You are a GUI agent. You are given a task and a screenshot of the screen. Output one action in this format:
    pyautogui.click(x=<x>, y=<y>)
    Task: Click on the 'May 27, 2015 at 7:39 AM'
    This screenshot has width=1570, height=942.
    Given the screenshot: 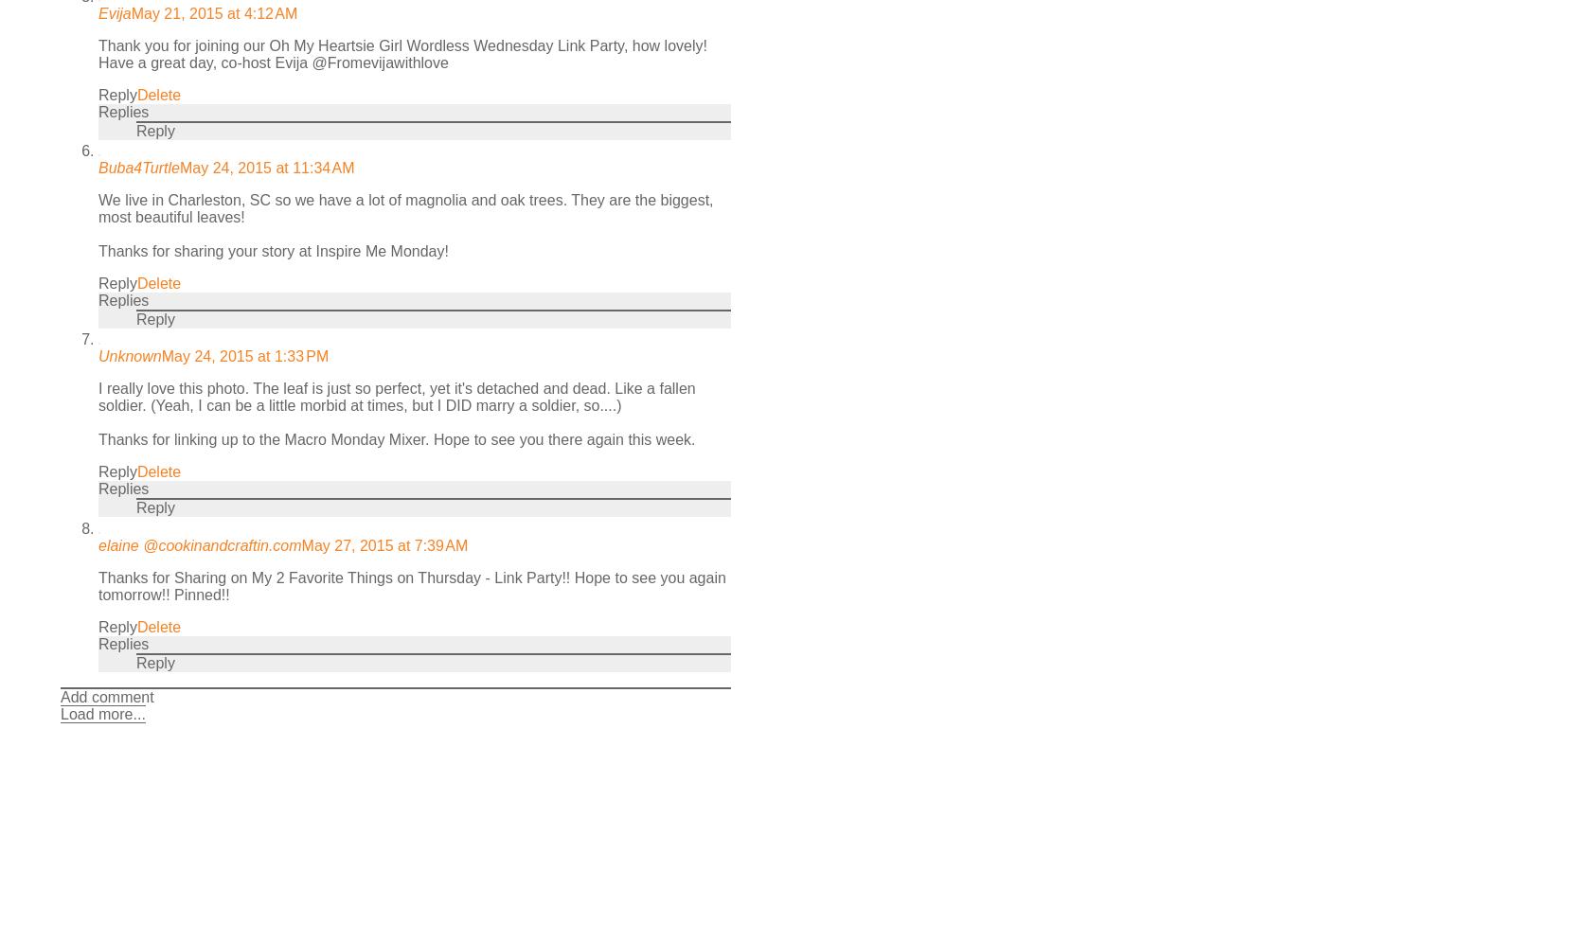 What is the action you would take?
    pyautogui.click(x=300, y=543)
    